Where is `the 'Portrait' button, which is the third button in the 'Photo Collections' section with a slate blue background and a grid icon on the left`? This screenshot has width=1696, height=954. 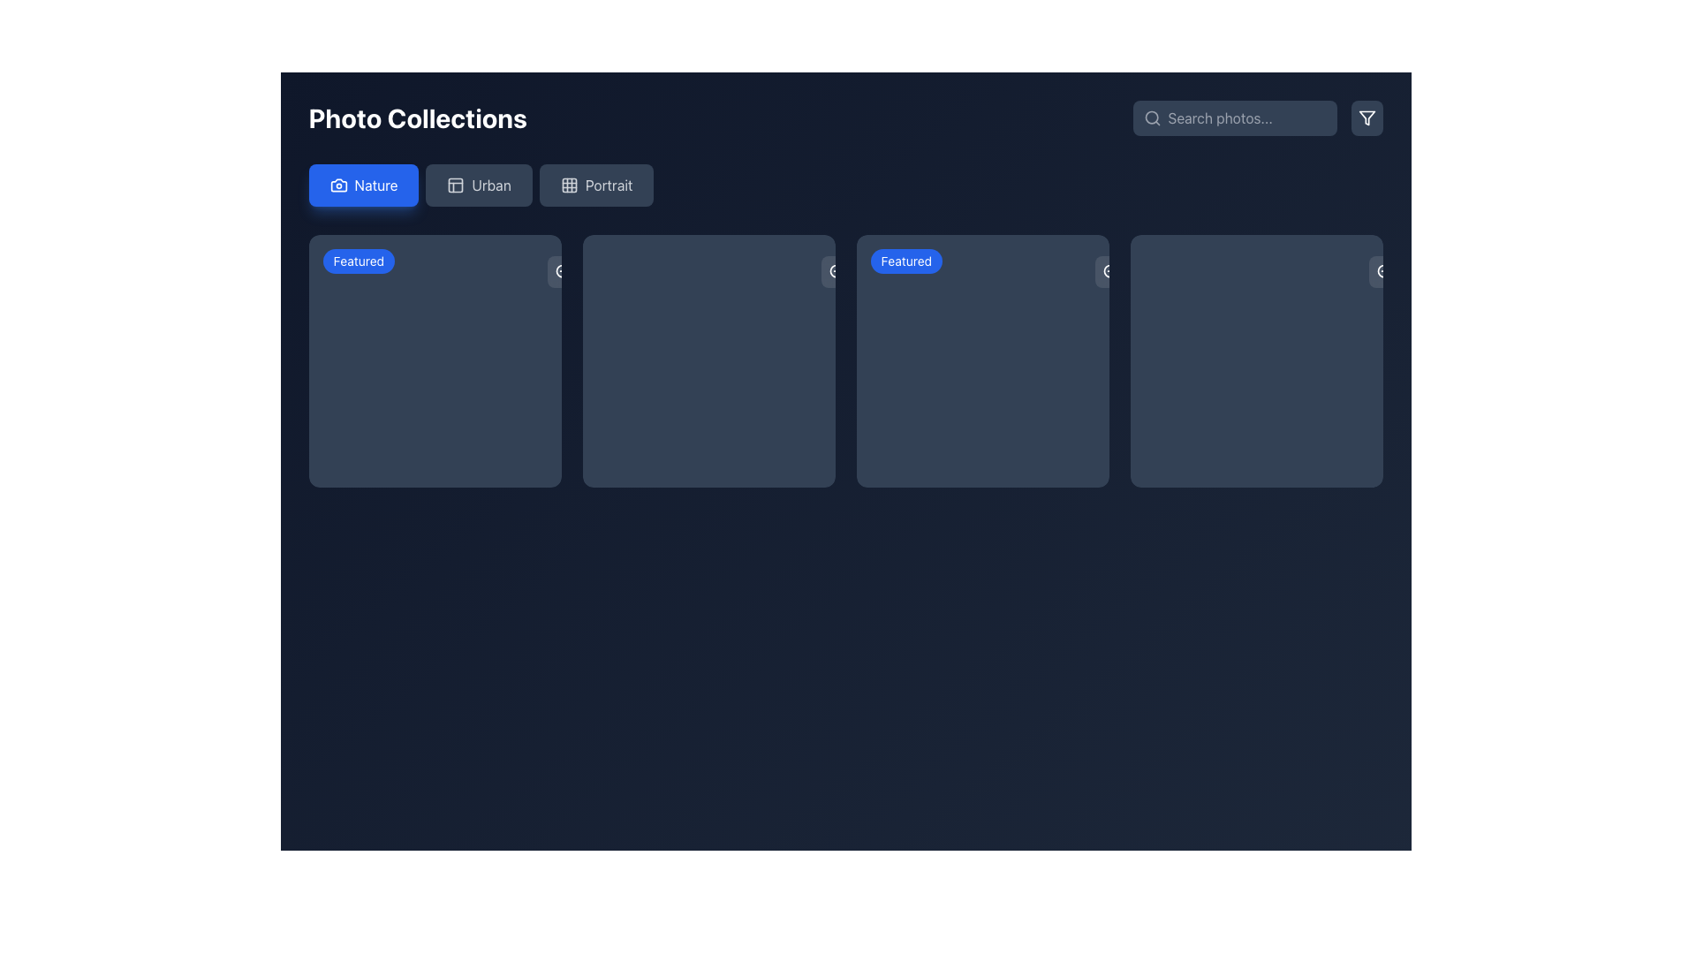 the 'Portrait' button, which is the third button in the 'Photo Collections' section with a slate blue background and a grid icon on the left is located at coordinates (596, 185).